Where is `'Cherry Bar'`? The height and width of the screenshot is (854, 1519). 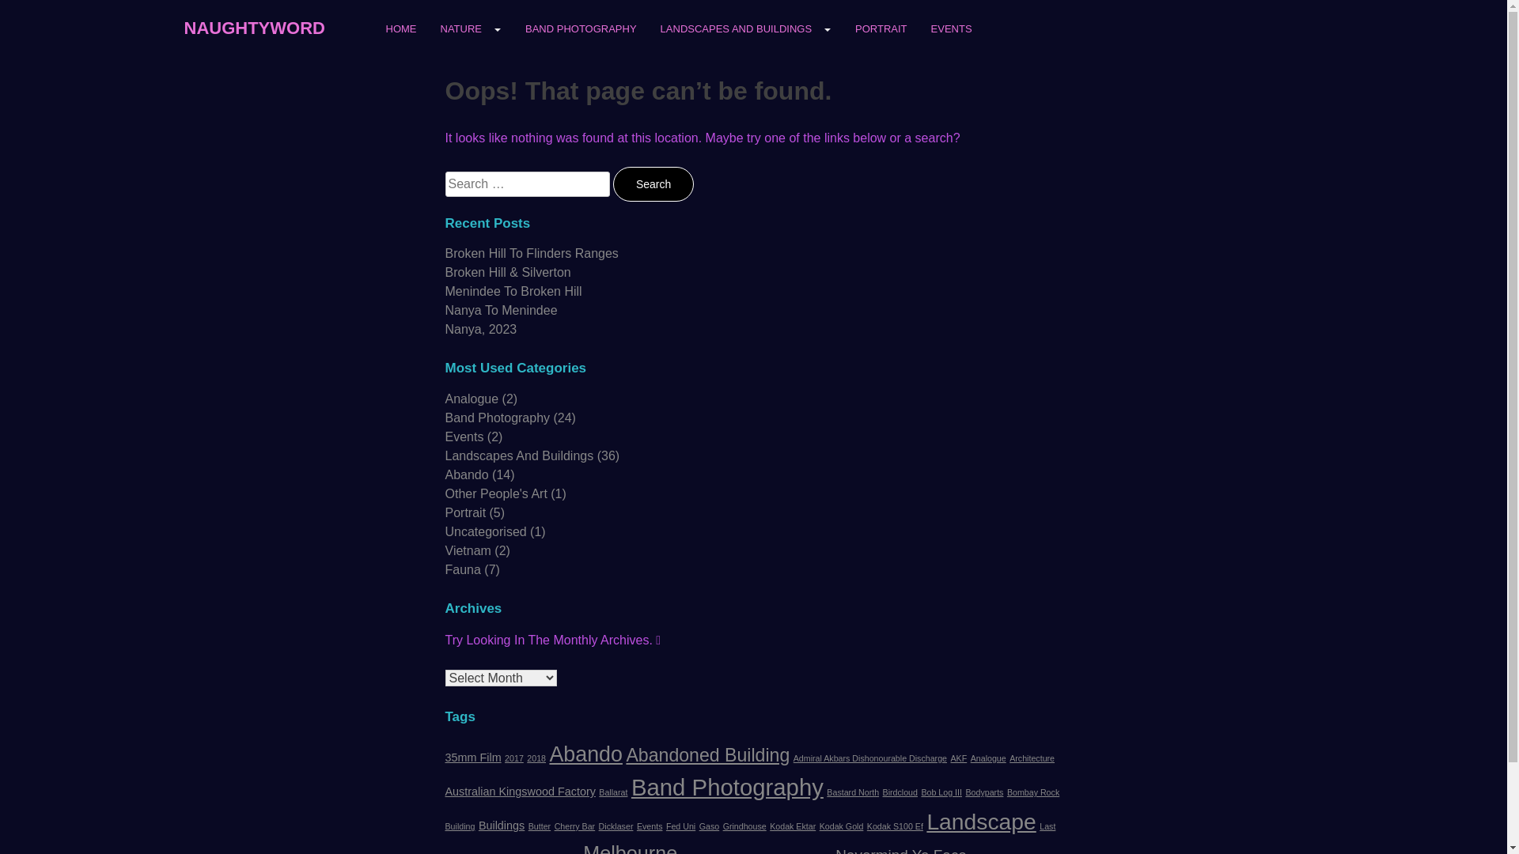
'Cherry Bar' is located at coordinates (554, 826).